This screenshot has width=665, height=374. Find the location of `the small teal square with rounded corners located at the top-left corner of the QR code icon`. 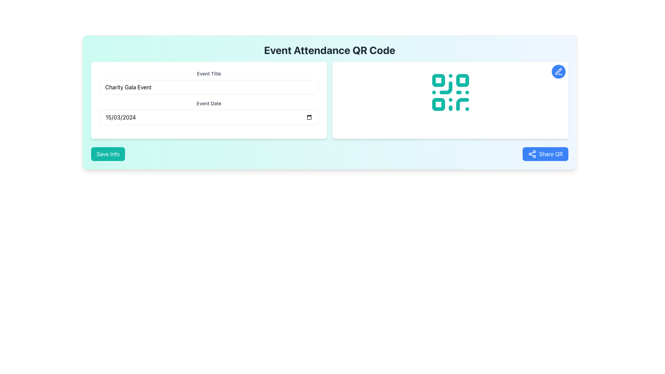

the small teal square with rounded corners located at the top-left corner of the QR code icon is located at coordinates (438, 80).